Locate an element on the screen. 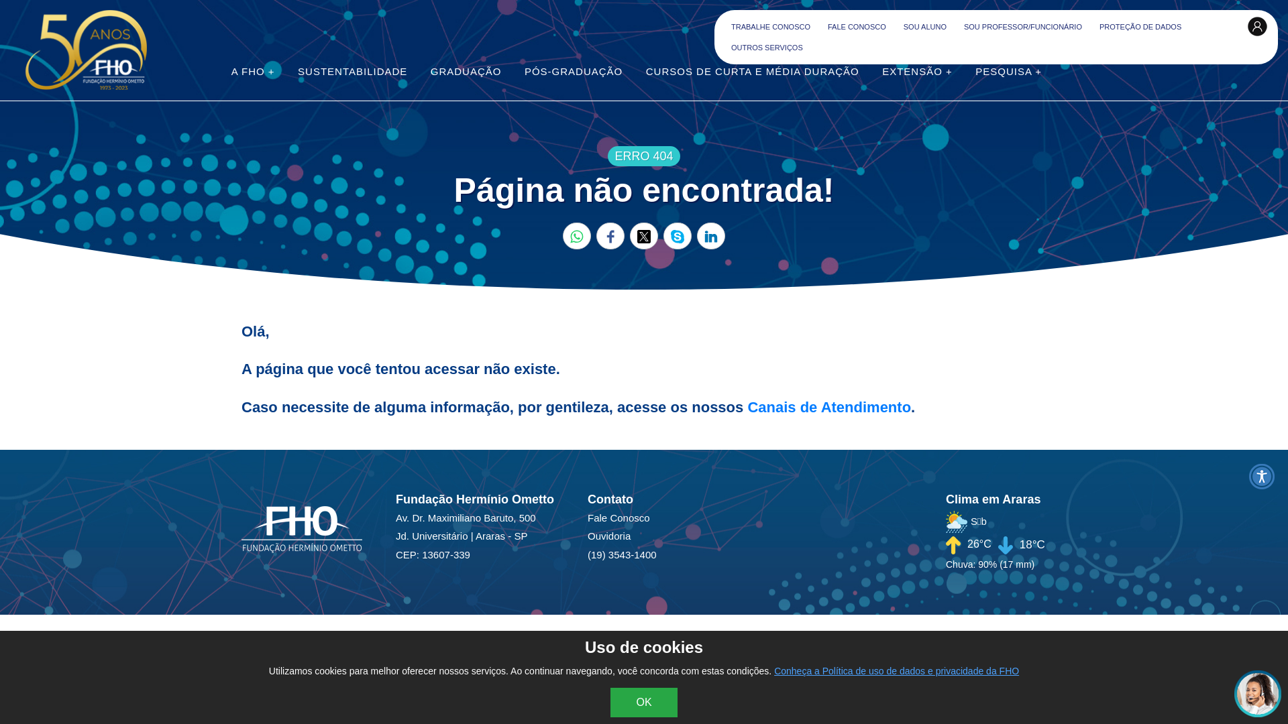 Image resolution: width=1288 pixels, height=724 pixels. 'TRABALHE CONOSCO' is located at coordinates (770, 27).